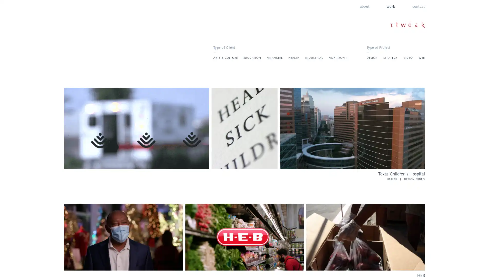 The height and width of the screenshot is (277, 493). What do you see at coordinates (372, 58) in the screenshot?
I see `DESIGN` at bounding box center [372, 58].